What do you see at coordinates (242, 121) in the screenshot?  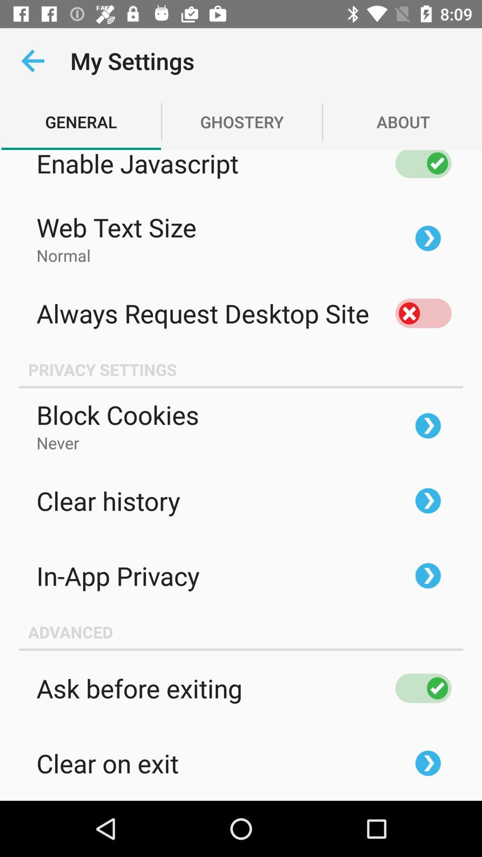 I see `the ghostery icon beside the general icon` at bounding box center [242, 121].